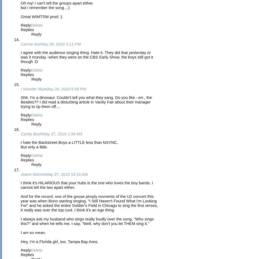  What do you see at coordinates (33, 89) in the screenshot?
I see `'I Wonder Wye'` at bounding box center [33, 89].